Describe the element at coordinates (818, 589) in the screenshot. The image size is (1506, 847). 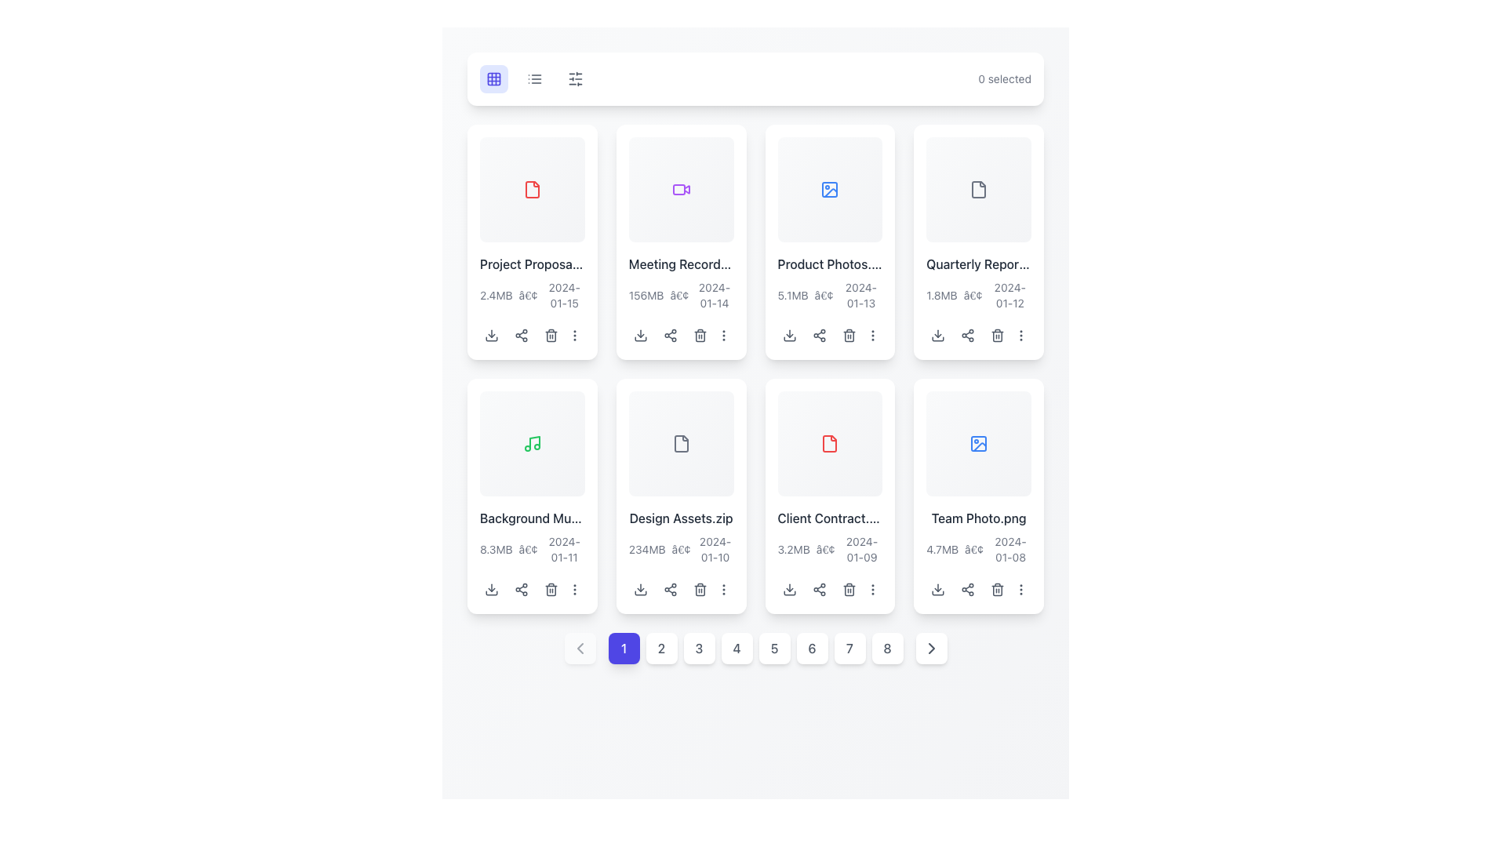
I see `the share icon button represented by three interconnected circles, located at the bottom of the 'Client Contract' card, to enable accessibility navigation` at that location.